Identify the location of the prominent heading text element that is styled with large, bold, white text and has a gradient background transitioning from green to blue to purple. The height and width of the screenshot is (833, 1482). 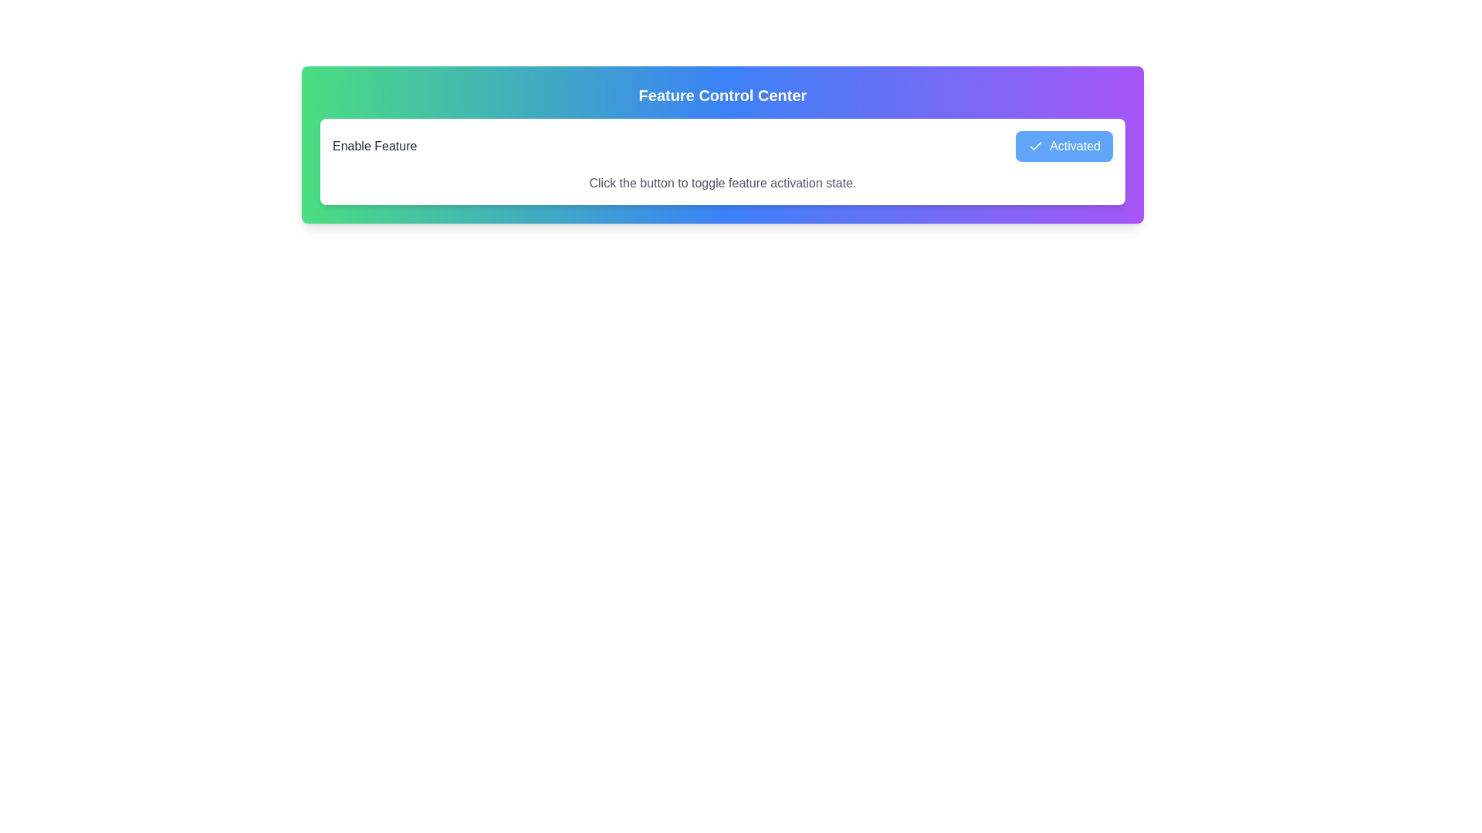
(722, 95).